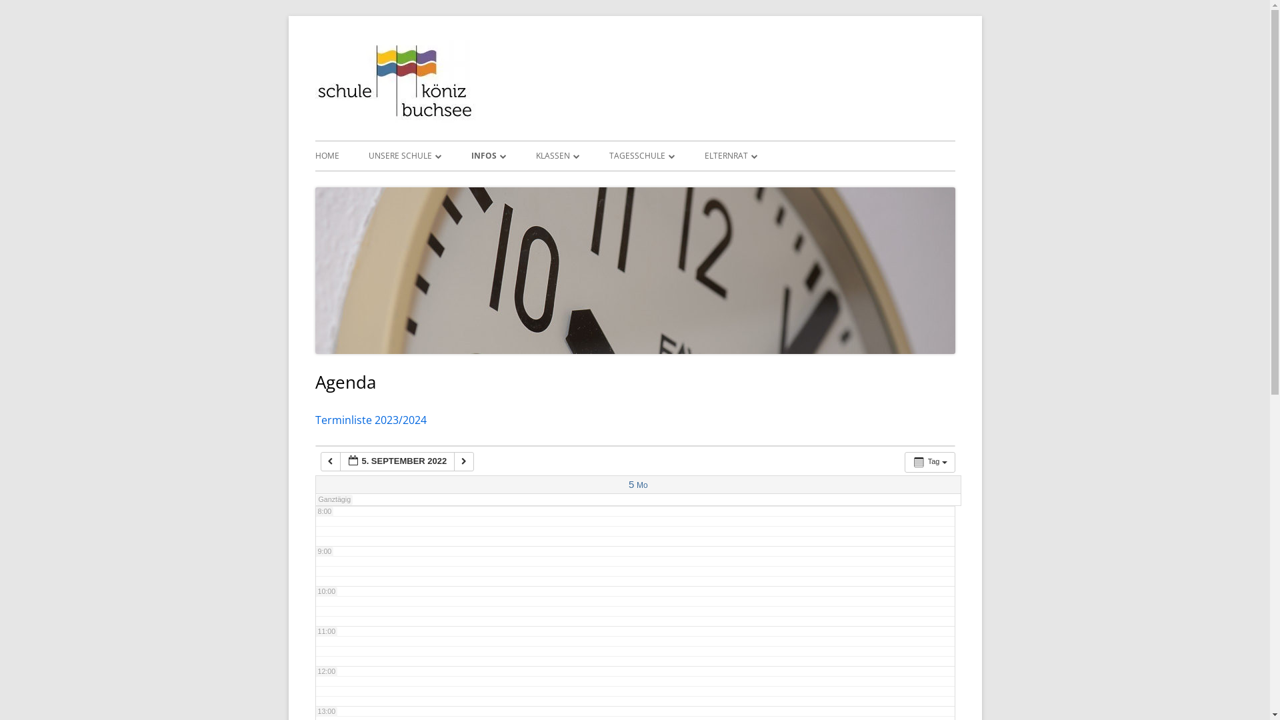  I want to click on 'Terminliste 2023/2024', so click(313, 419).